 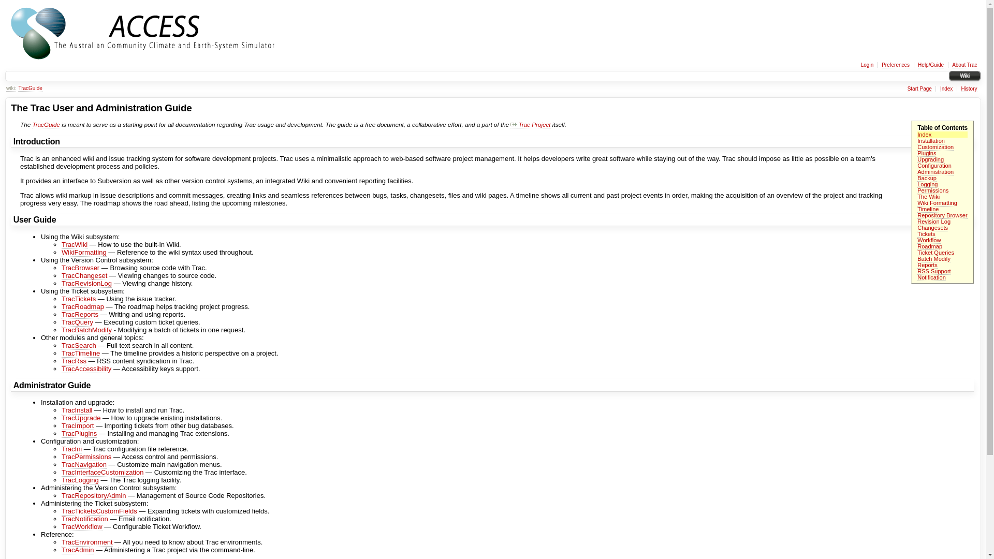 I want to click on 'Login', so click(x=867, y=65).